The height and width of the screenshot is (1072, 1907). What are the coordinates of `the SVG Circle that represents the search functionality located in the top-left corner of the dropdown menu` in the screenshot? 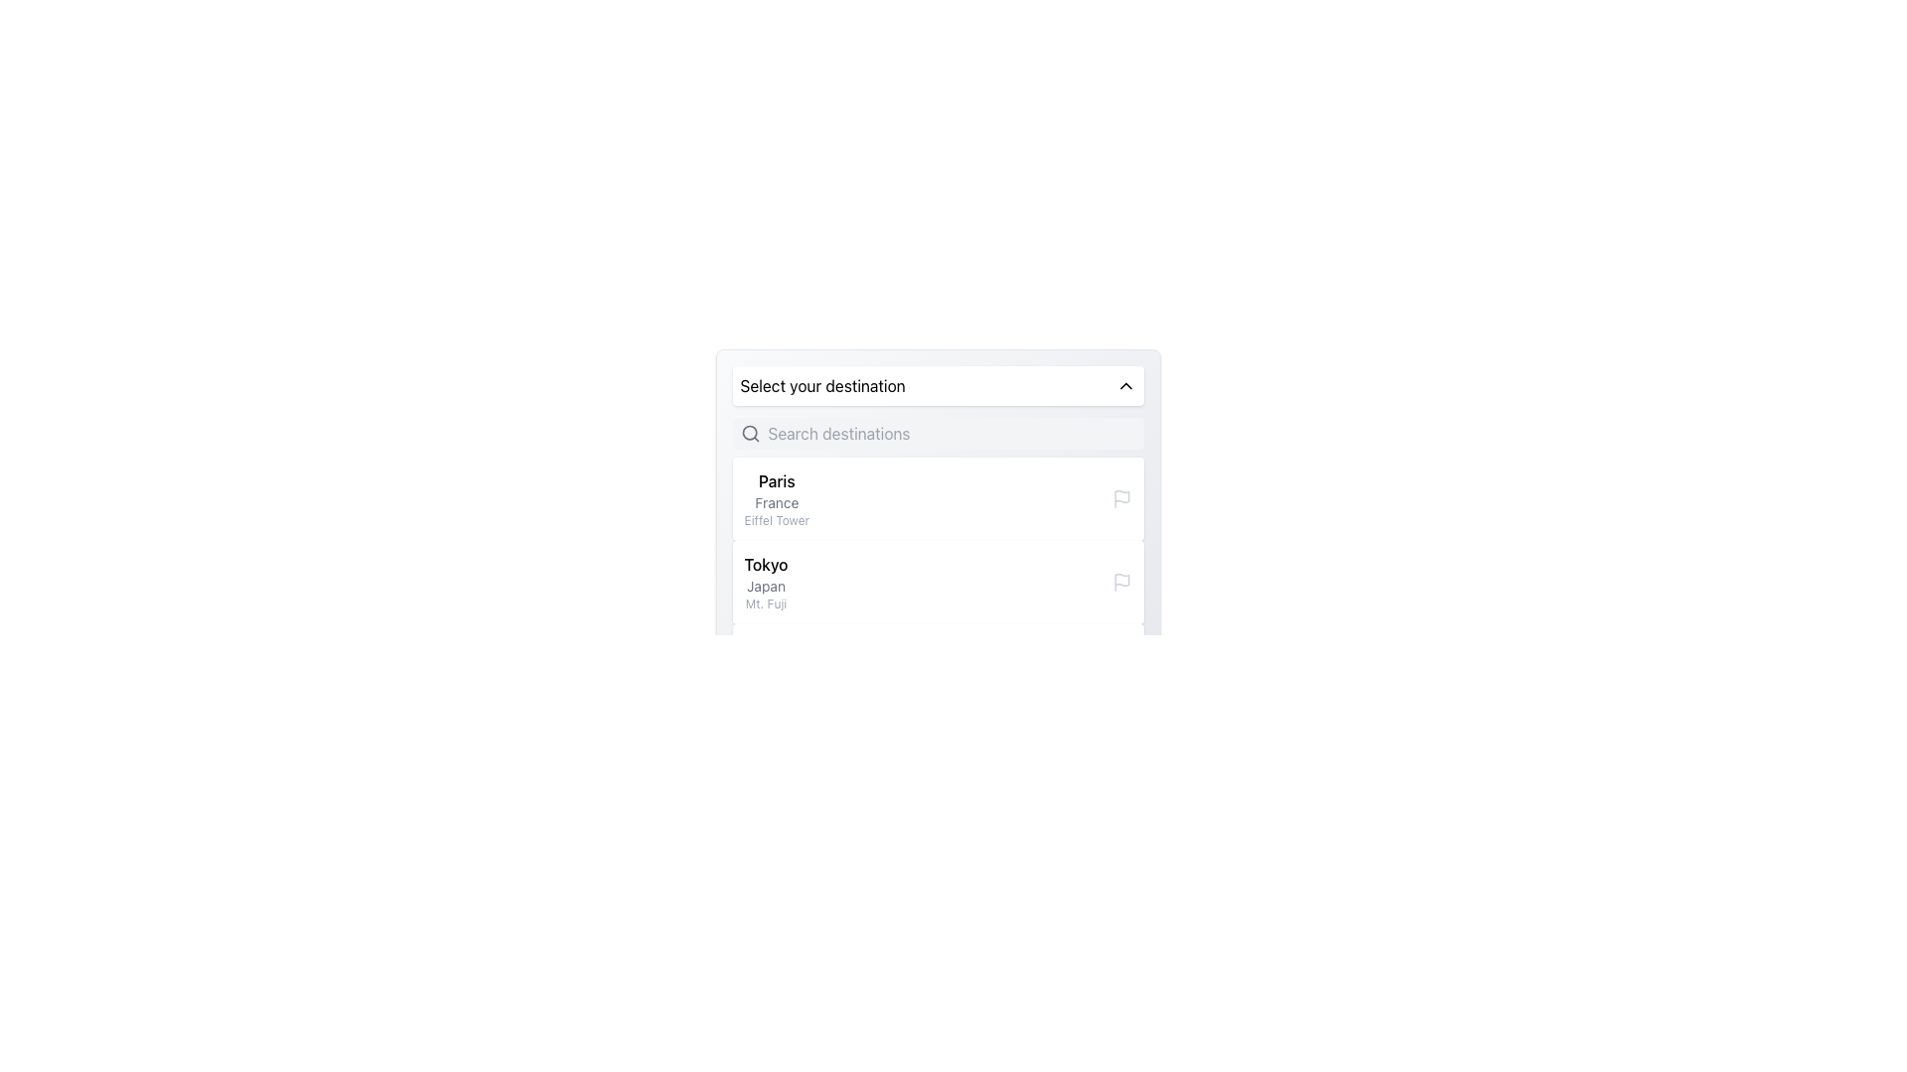 It's located at (748, 432).